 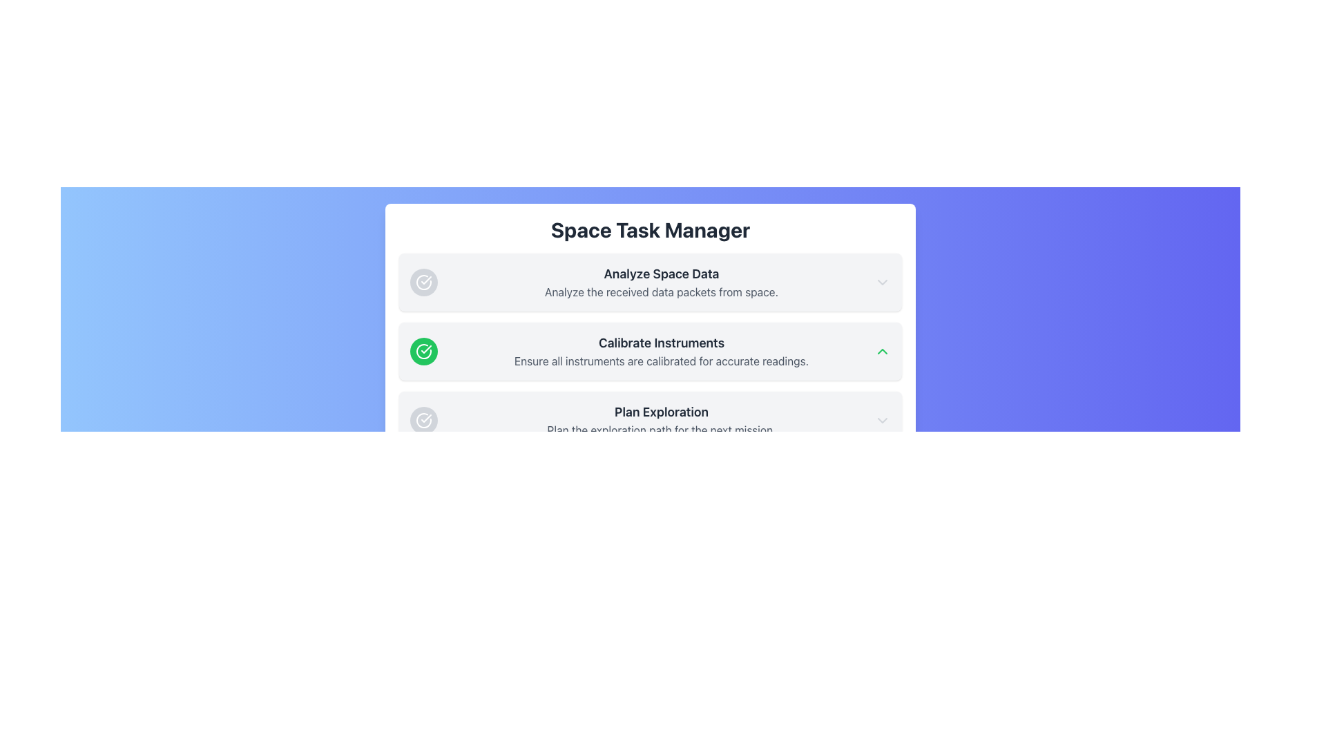 I want to click on the 'Plan Exploration' text label, which is styled with a large, bold dark gray font and is the third task item under 'Space Task Manager', to access adjacent buttons or options associated with this task, so click(x=661, y=412).